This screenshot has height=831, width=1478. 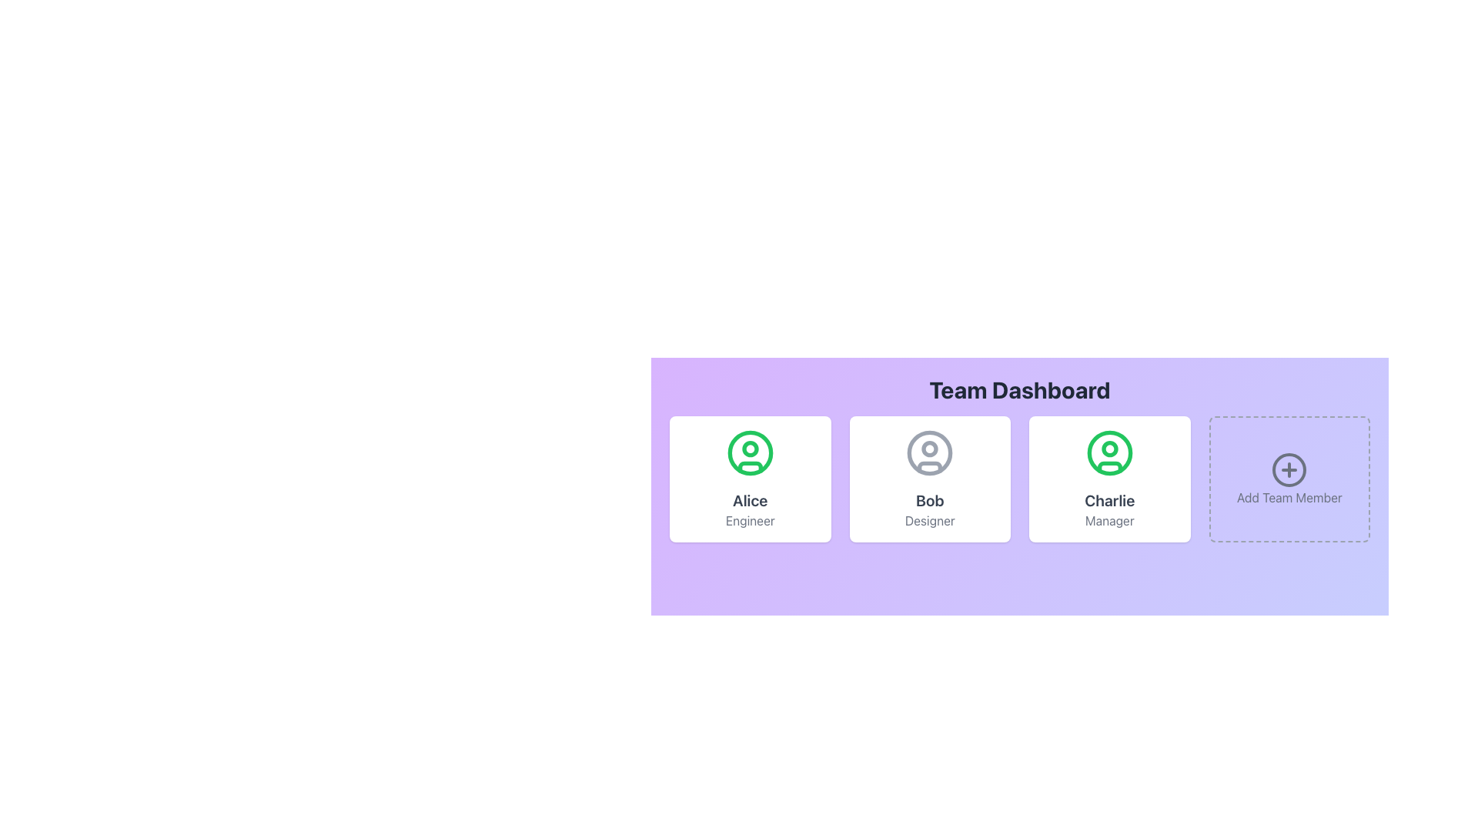 What do you see at coordinates (929, 479) in the screenshot?
I see `the card element styled with a white background, rounded corners, and a user icon at the top, labeled 'Bob' and 'Designer', to interact with it` at bounding box center [929, 479].